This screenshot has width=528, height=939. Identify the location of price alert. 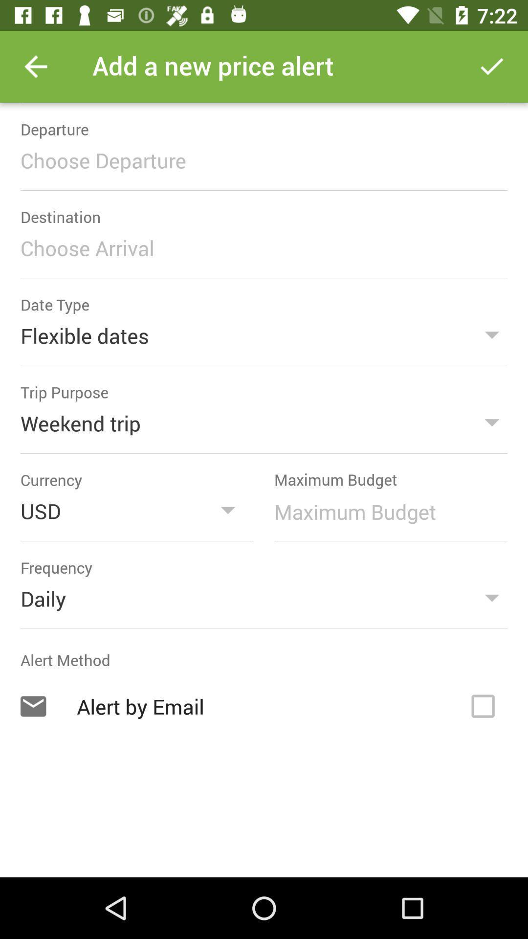
(492, 66).